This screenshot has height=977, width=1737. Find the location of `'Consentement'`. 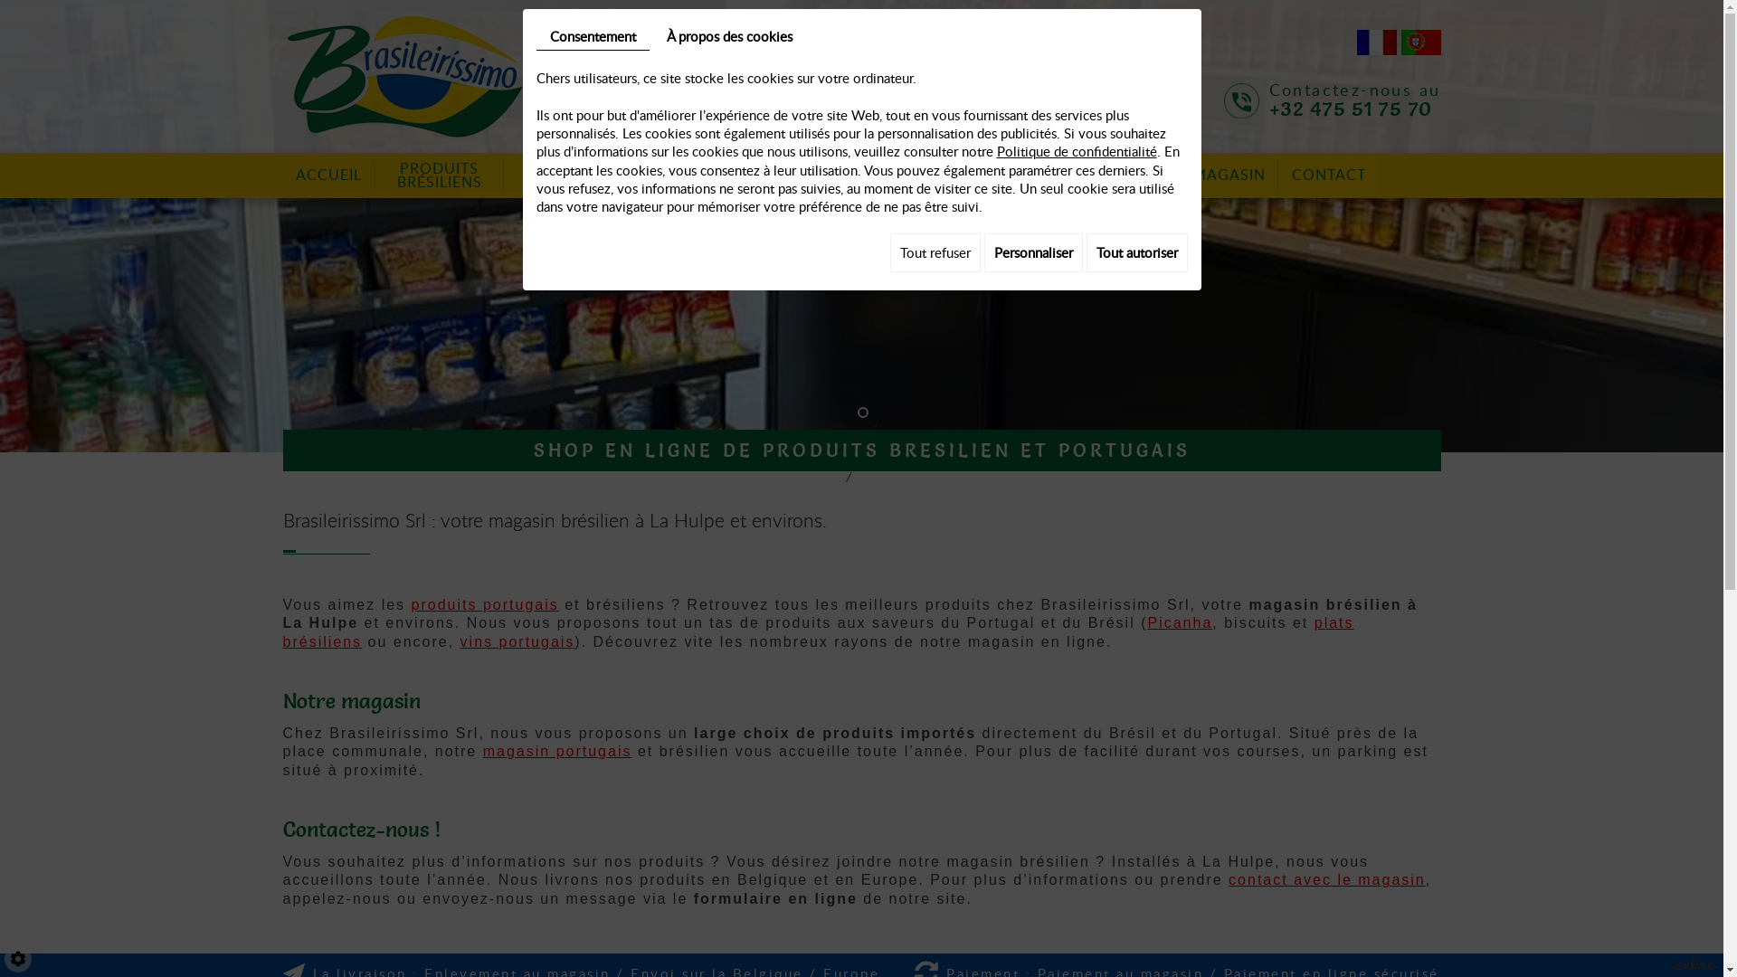

'Consentement' is located at coordinates (592, 36).